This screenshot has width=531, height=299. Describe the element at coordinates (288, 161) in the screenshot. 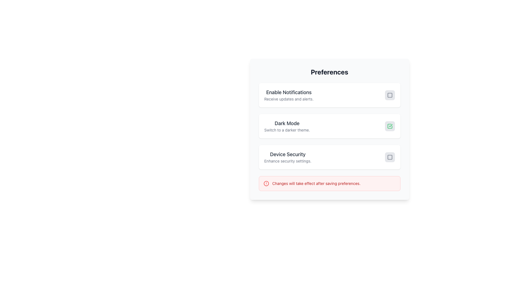

I see `the text label that reads 'Enhance security settings.' located below the 'Device Security' title in the preferences menu` at that location.